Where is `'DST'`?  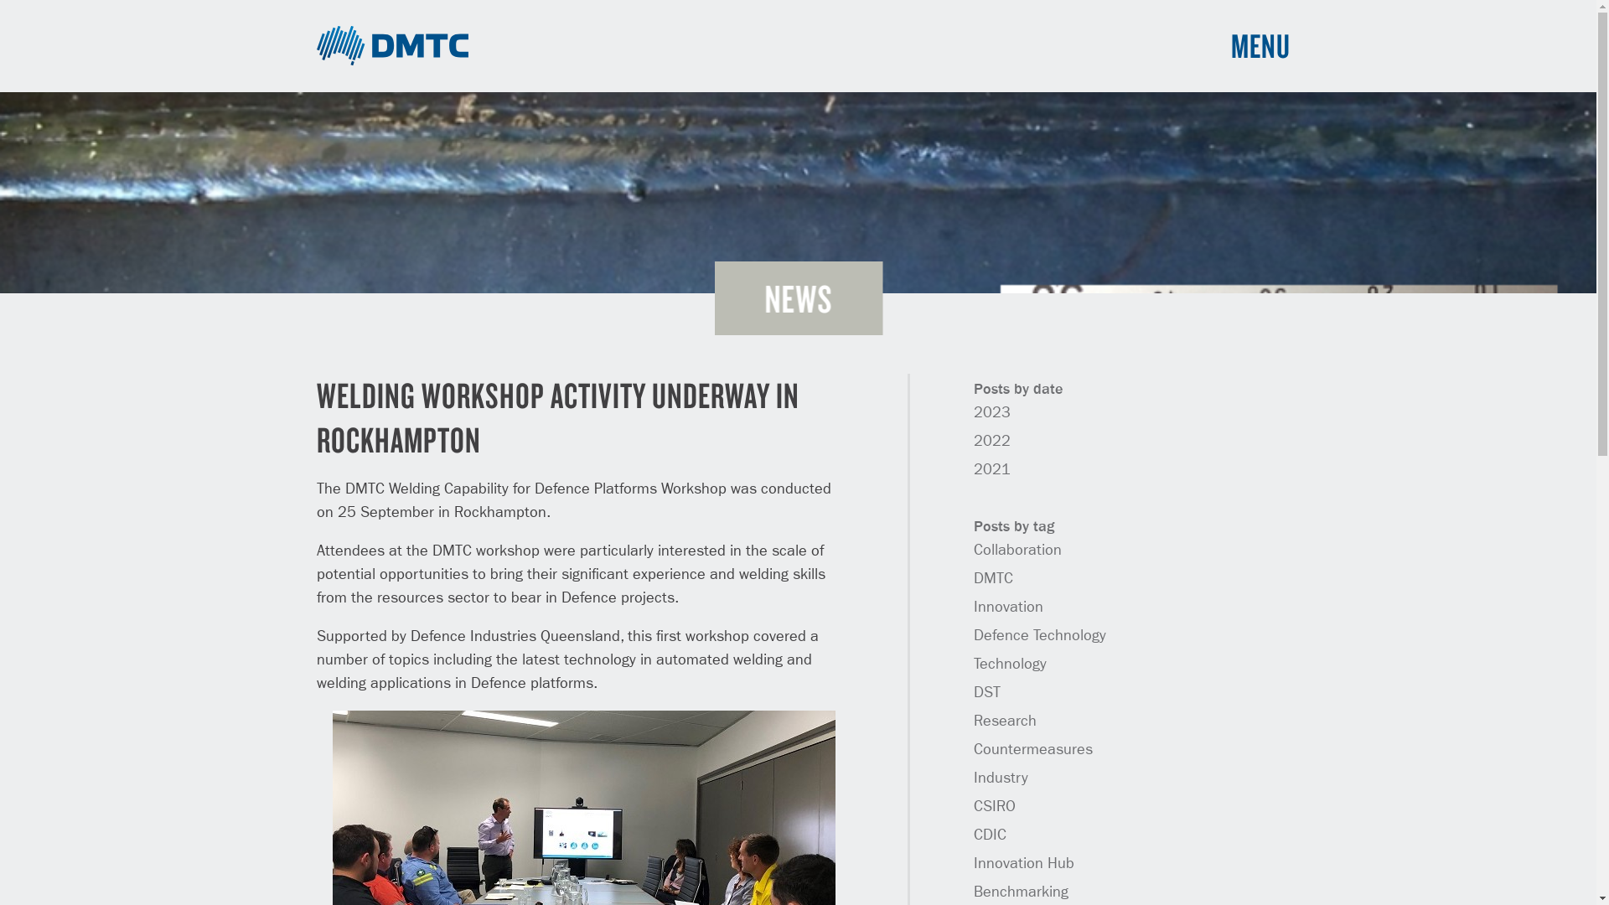 'DST' is located at coordinates (986, 692).